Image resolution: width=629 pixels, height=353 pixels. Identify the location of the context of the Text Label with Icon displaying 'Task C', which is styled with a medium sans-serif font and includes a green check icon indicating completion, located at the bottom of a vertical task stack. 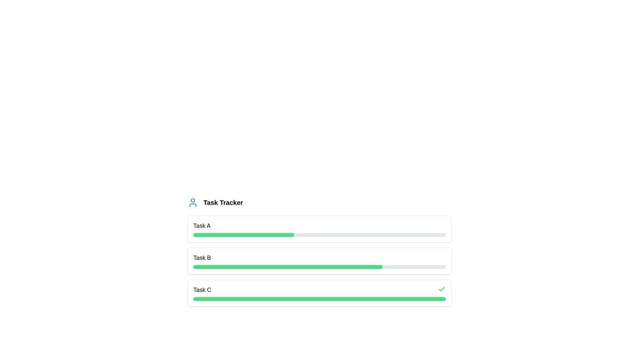
(319, 290).